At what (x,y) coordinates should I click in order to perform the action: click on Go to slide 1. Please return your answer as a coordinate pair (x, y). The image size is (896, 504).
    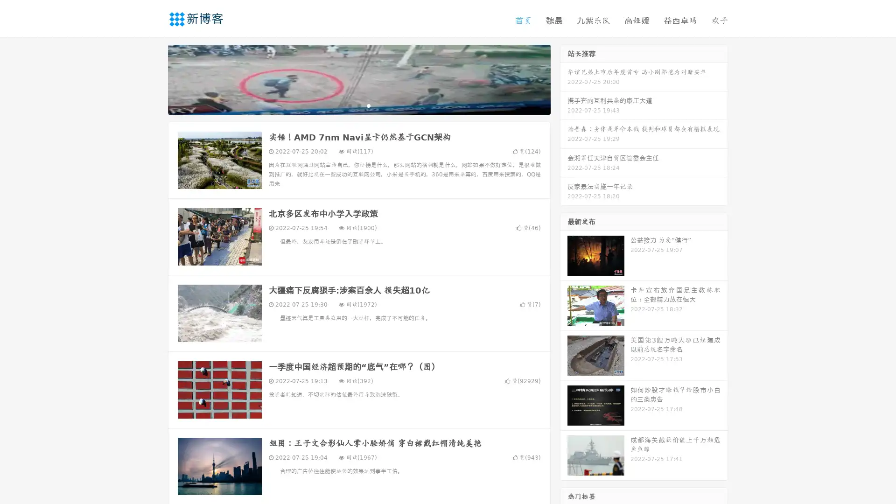
    Looking at the image, I should click on (349, 105).